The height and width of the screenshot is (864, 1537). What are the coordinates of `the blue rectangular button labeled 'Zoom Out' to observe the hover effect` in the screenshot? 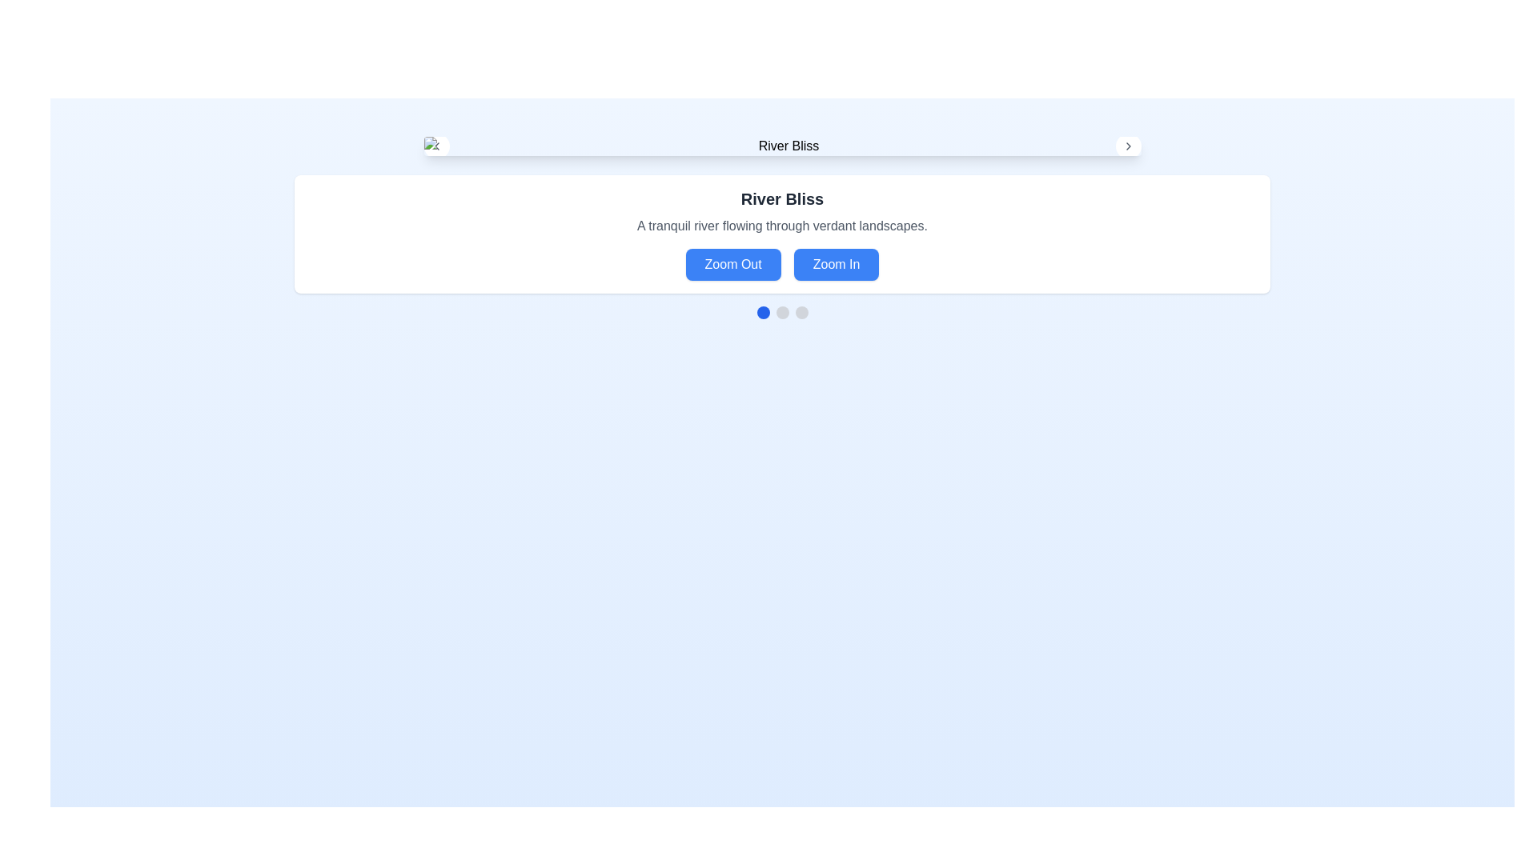 It's located at (732, 264).